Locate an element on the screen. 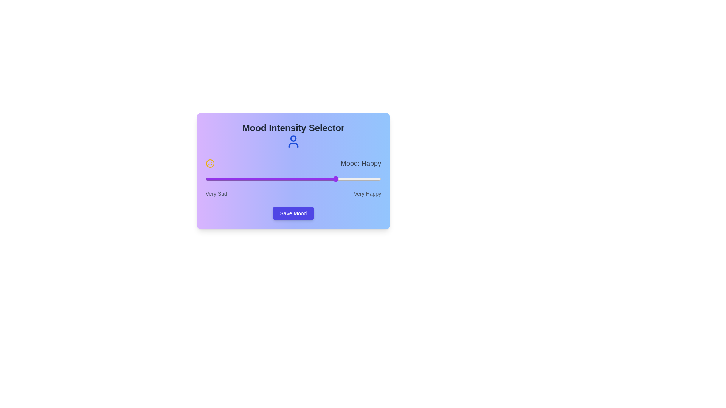 The width and height of the screenshot is (726, 408). the mood level slider to 2 is located at coordinates (293, 179).